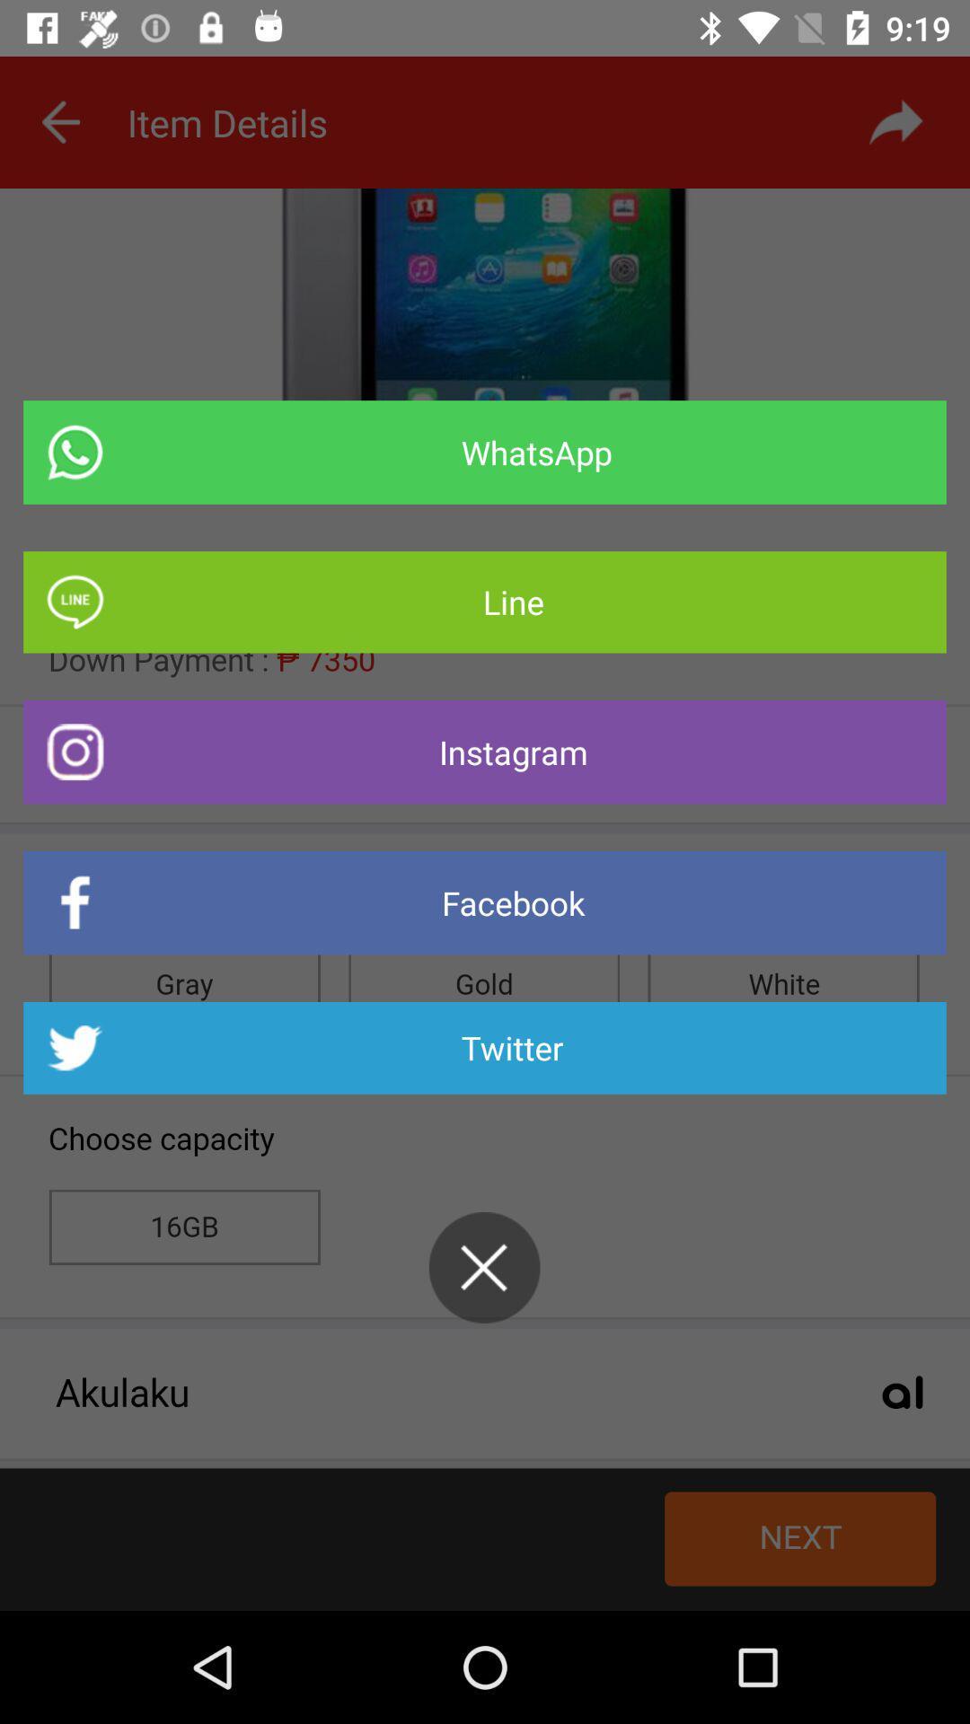 Image resolution: width=970 pixels, height=1724 pixels. Describe the element at coordinates (483, 1266) in the screenshot. I see `the close icon` at that location.